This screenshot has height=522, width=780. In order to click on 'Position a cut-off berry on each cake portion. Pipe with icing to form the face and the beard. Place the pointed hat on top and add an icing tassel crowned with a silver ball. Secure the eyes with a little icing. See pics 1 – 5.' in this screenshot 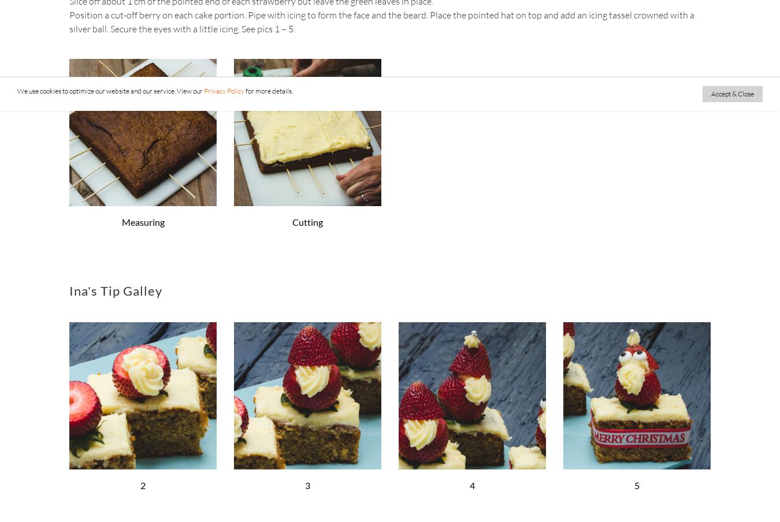, I will do `click(381, 20)`.